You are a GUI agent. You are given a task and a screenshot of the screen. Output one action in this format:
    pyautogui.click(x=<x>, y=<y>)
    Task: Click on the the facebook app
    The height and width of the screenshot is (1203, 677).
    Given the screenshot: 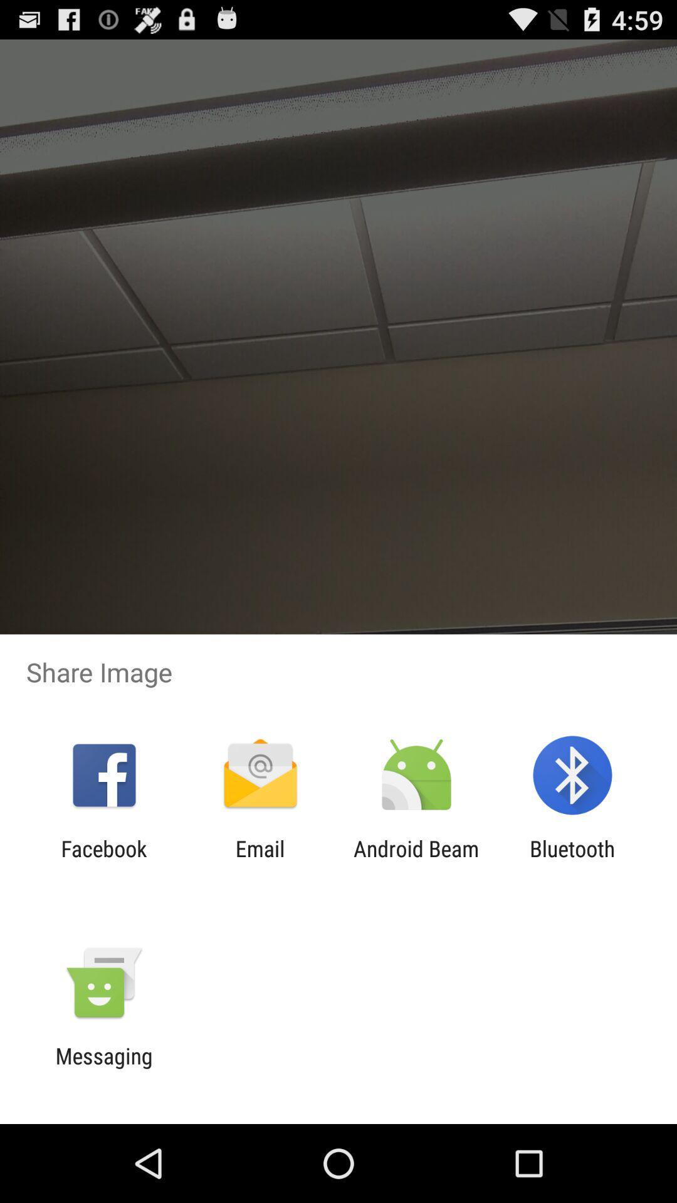 What is the action you would take?
    pyautogui.click(x=103, y=861)
    